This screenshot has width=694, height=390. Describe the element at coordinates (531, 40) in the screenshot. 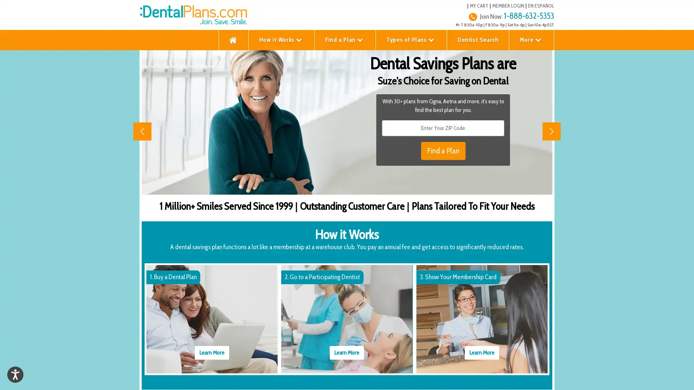

I see `More` at that location.